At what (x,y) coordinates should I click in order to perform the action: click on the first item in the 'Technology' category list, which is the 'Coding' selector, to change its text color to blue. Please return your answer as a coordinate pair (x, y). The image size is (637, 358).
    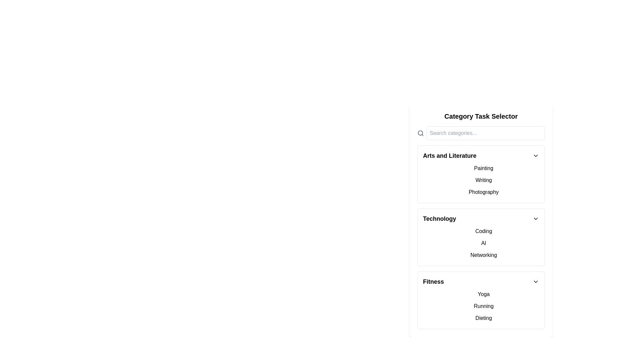
    Looking at the image, I should click on (484, 231).